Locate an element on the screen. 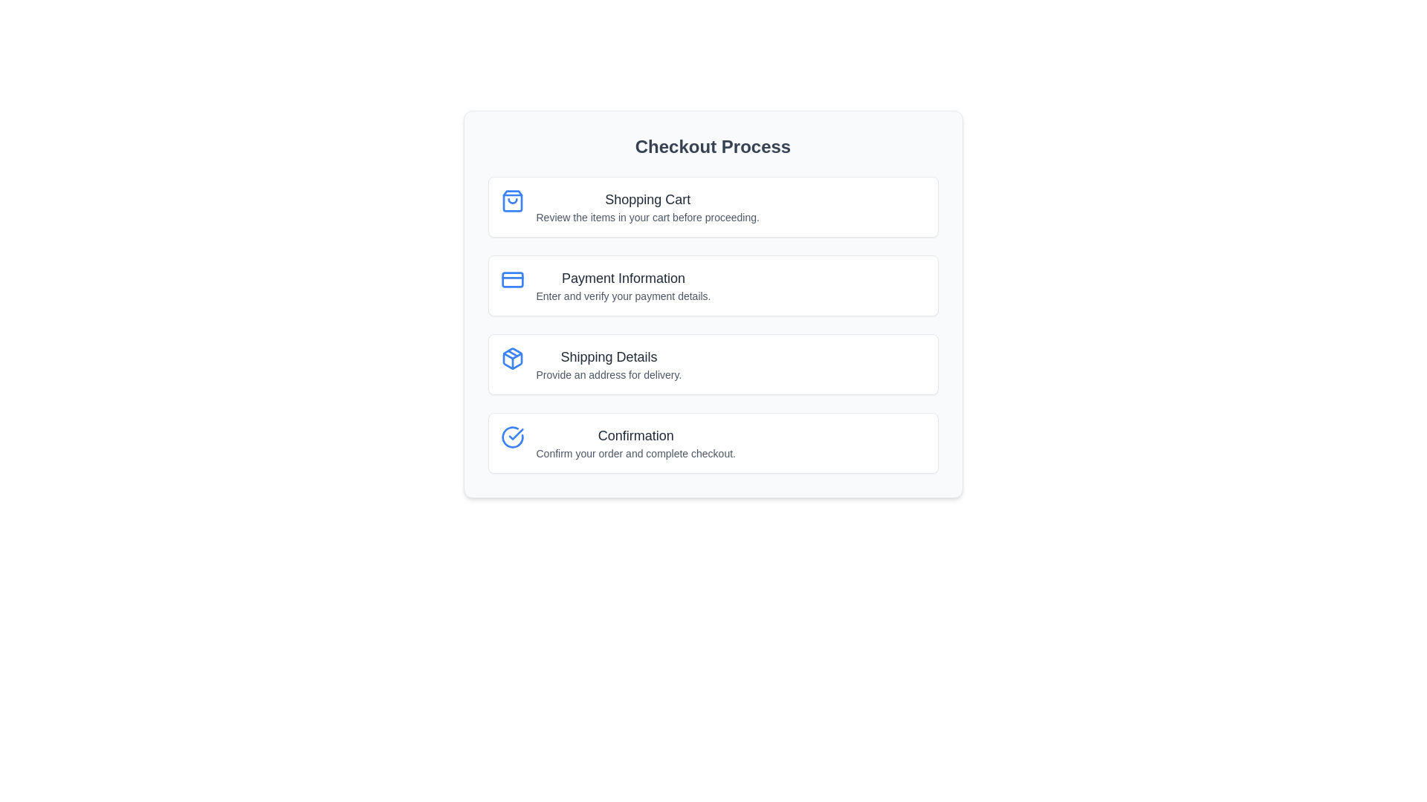 The image size is (1427, 802). the circular blue icon indicating the completion of the 'Confirmation' step in the Checkout Process interface is located at coordinates (512, 437).